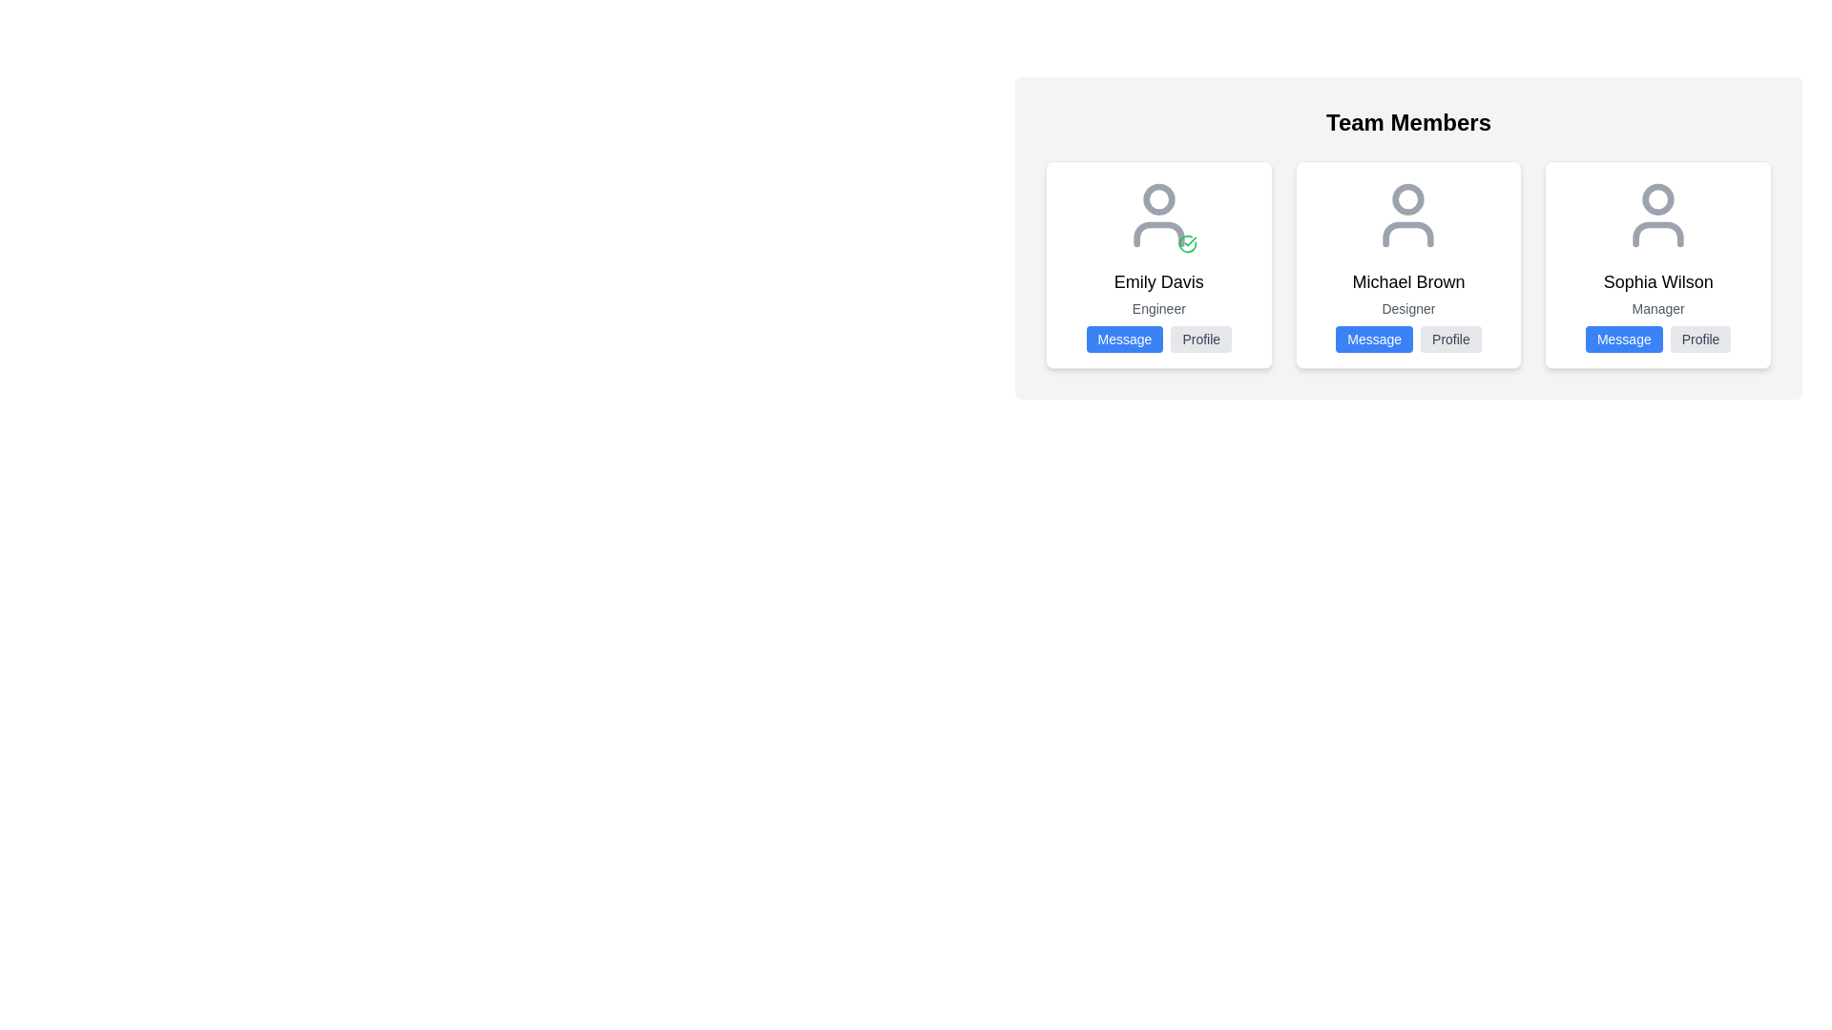 The height and width of the screenshot is (1030, 1832). Describe the element at coordinates (1450, 338) in the screenshot. I see `the second button in the horizontal group at the bottom of the team member's card` at that location.